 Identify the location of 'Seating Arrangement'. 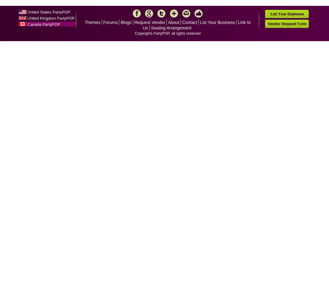
(170, 28).